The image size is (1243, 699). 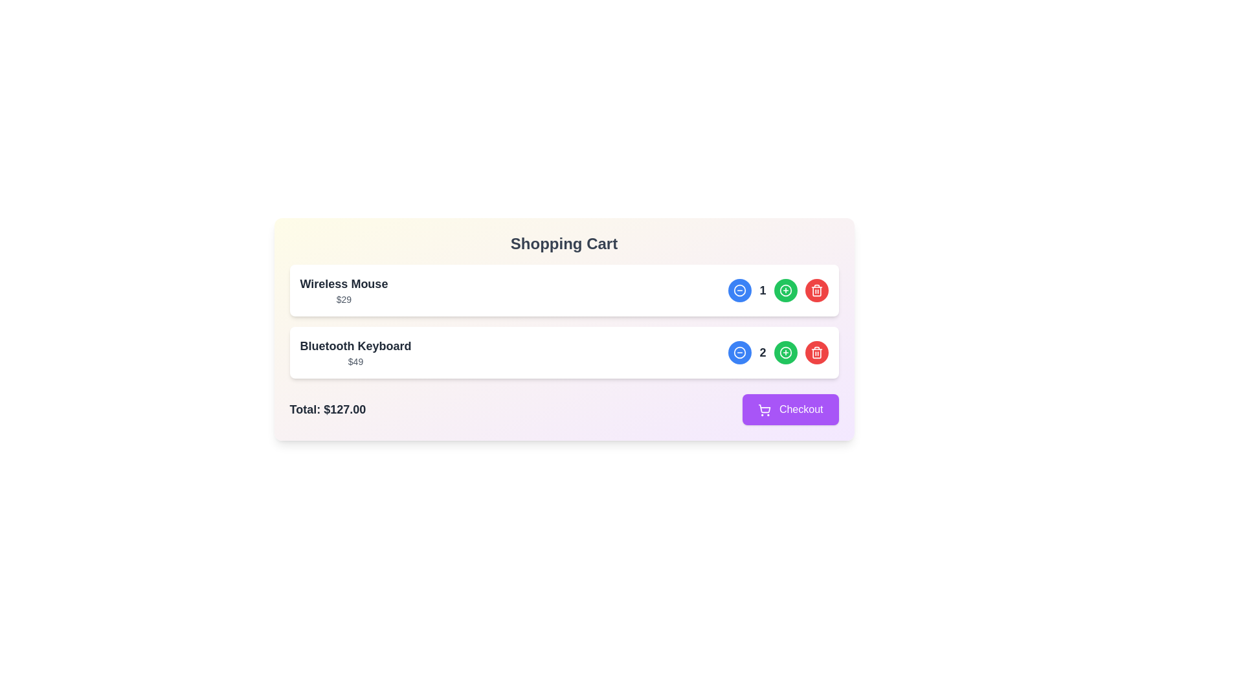 What do you see at coordinates (778, 352) in the screenshot?
I see `the current count displayed in the shopping cart for the Bluetooth Keyboard, as it changes dynamically in response to user interactions with the increment and decrement buttons` at bounding box center [778, 352].